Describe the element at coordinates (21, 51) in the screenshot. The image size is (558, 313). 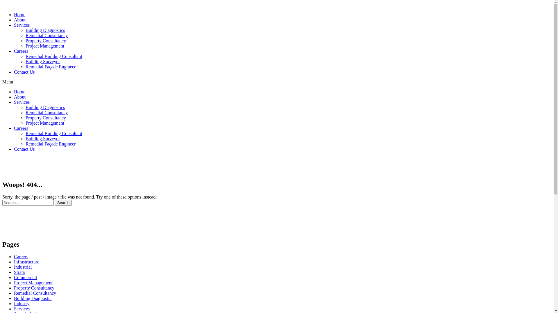
I see `'Careers'` at that location.